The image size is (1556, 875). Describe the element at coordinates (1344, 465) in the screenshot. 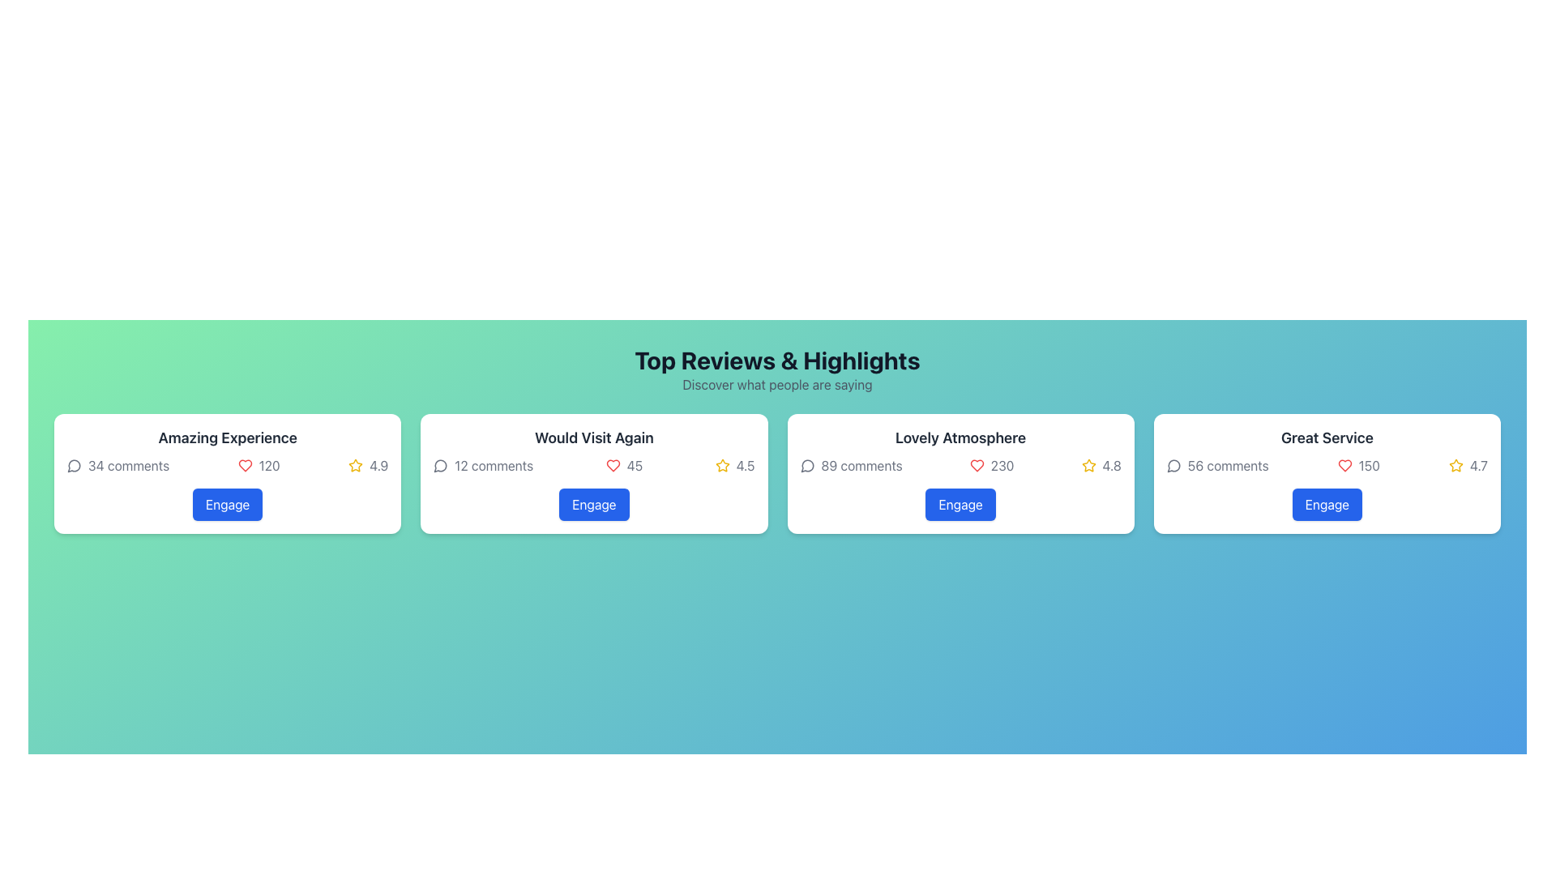

I see `the heart-shaped red icon representing likes or favorites, located in the 'Great Service' card under 'Top Reviews & Highlights', positioned to the right of the comments count` at that location.